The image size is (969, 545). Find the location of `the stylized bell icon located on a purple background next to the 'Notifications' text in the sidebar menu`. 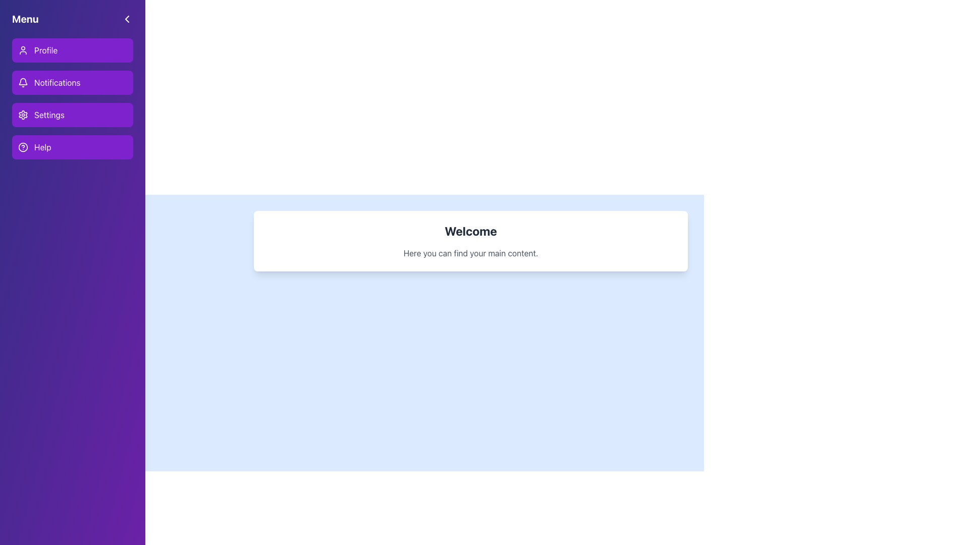

the stylized bell icon located on a purple background next to the 'Notifications' text in the sidebar menu is located at coordinates (23, 82).